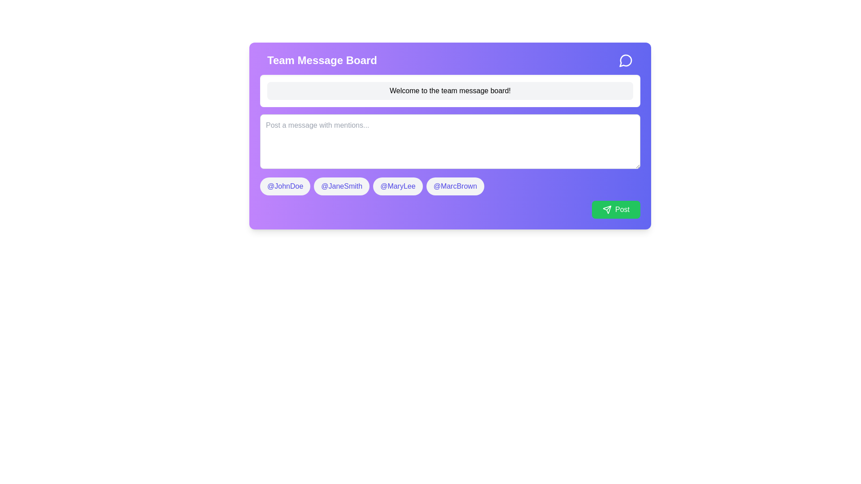 This screenshot has width=861, height=484. I want to click on the Paper Plane icon located on the green 'Post' button, so click(607, 209).